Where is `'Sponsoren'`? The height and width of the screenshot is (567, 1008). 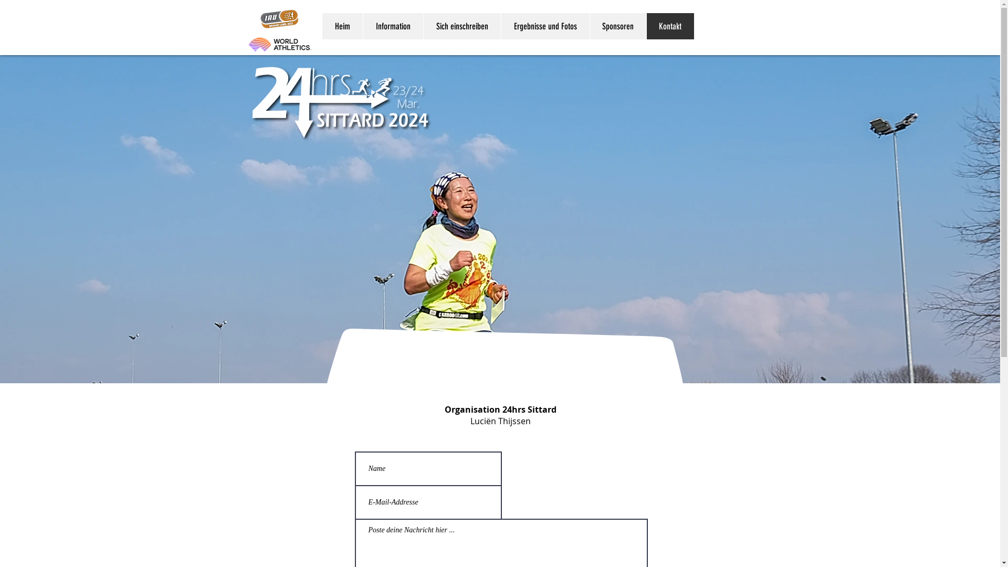
'Sponsoren' is located at coordinates (617, 26).